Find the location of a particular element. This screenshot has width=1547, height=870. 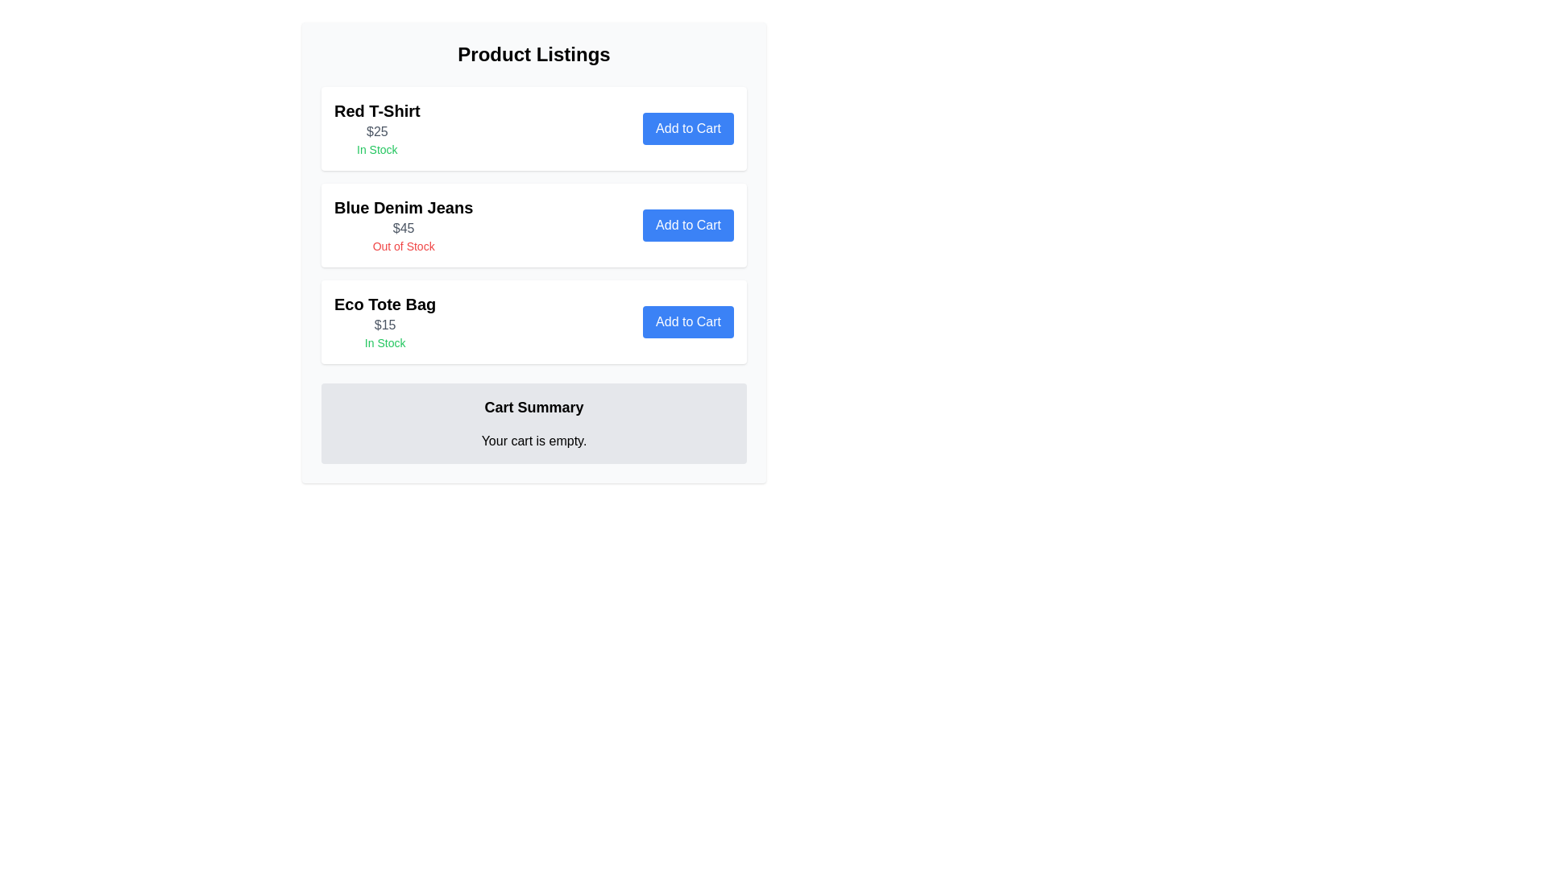

the 'Add to Cart' button is located at coordinates (688, 127).